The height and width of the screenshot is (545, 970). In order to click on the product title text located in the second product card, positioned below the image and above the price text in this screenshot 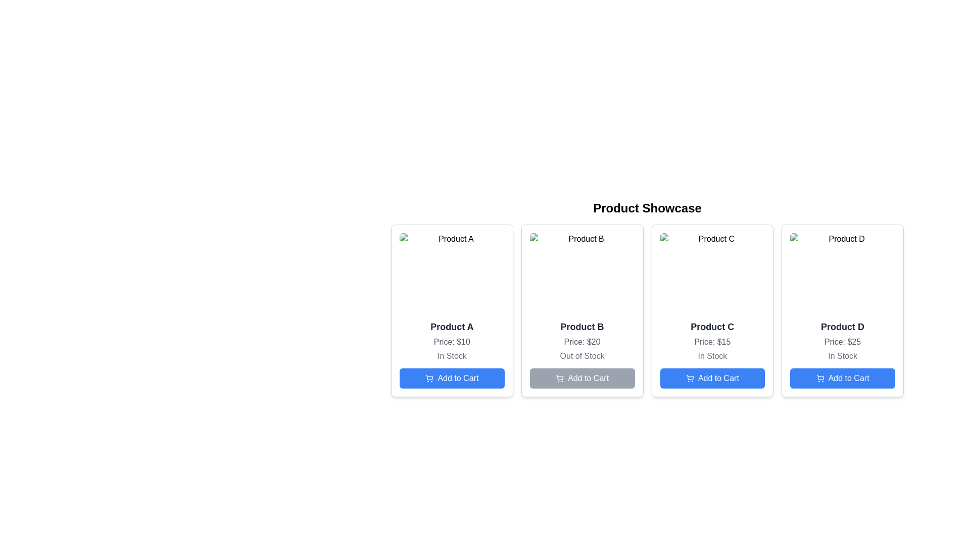, I will do `click(582, 327)`.